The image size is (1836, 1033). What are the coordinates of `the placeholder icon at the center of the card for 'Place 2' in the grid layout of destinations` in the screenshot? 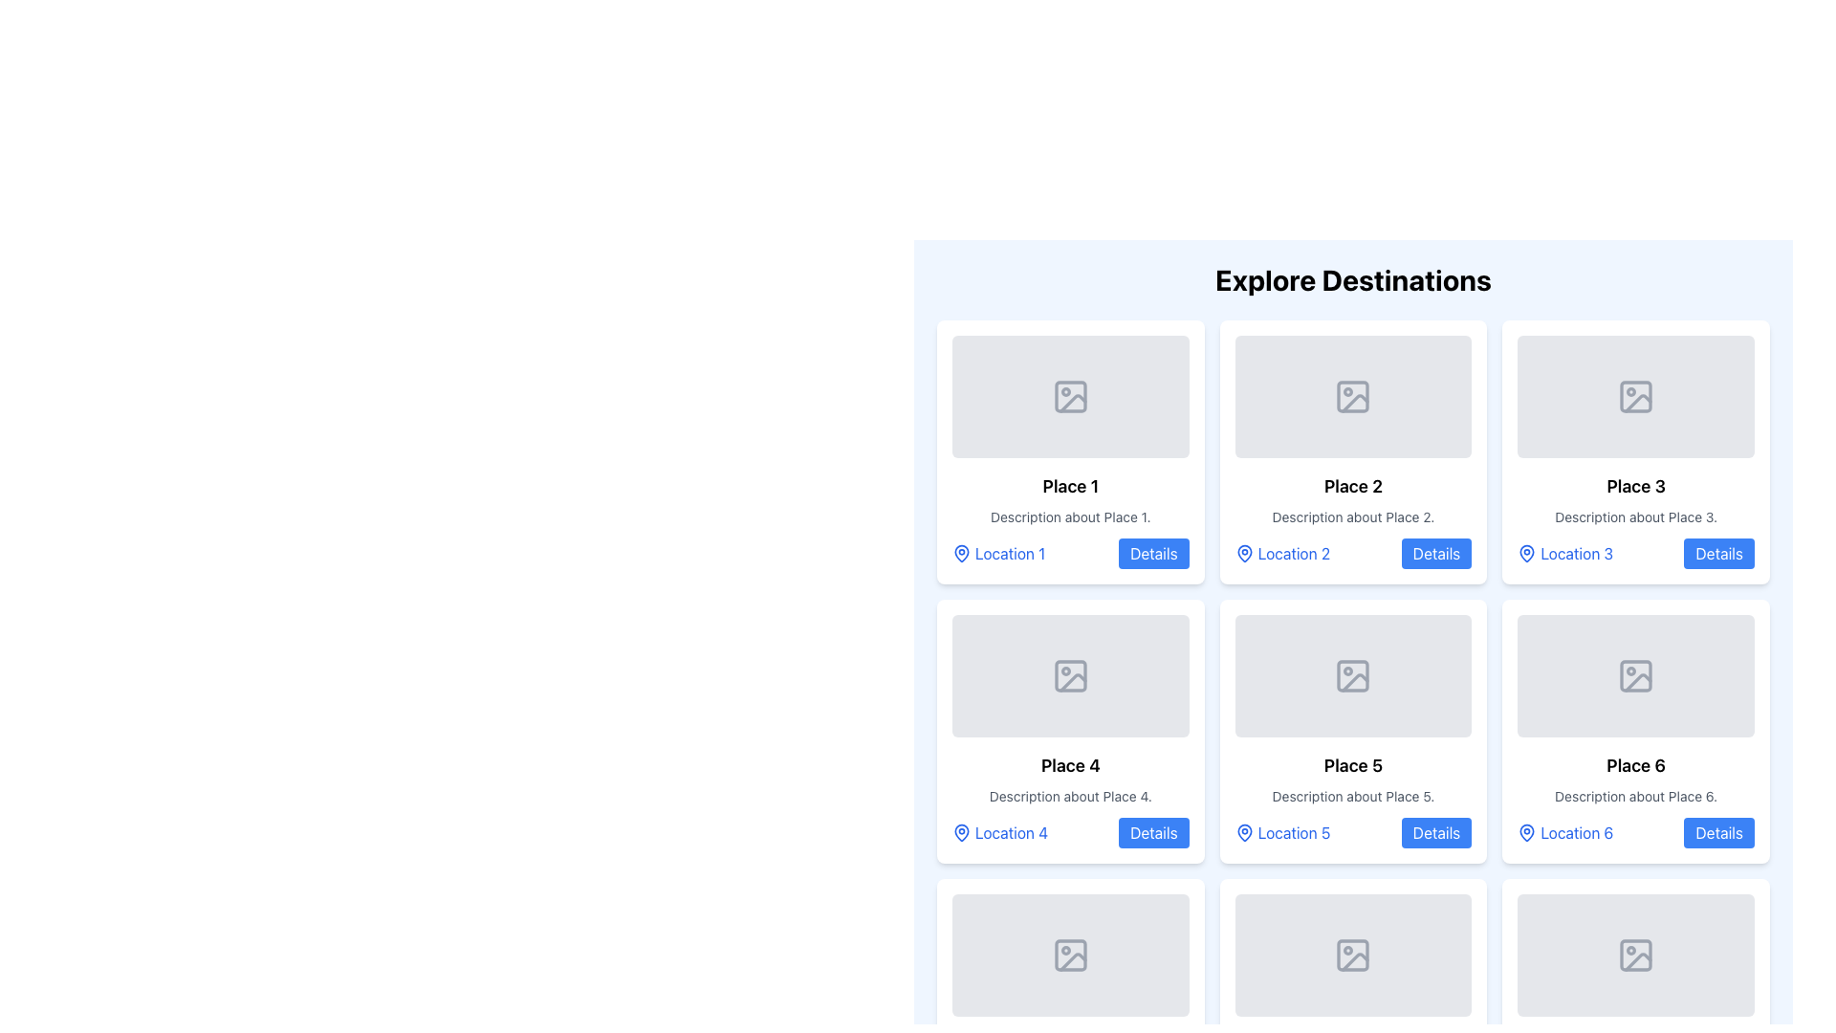 It's located at (1352, 396).